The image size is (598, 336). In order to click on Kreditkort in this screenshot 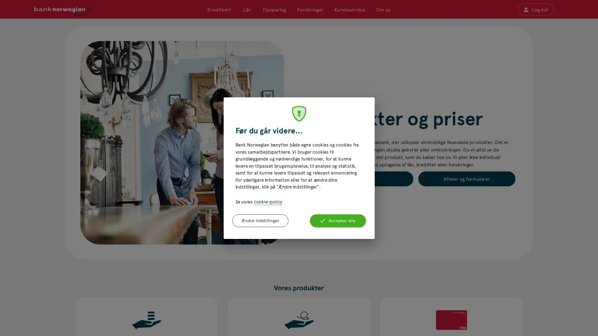, I will do `click(219, 9)`.